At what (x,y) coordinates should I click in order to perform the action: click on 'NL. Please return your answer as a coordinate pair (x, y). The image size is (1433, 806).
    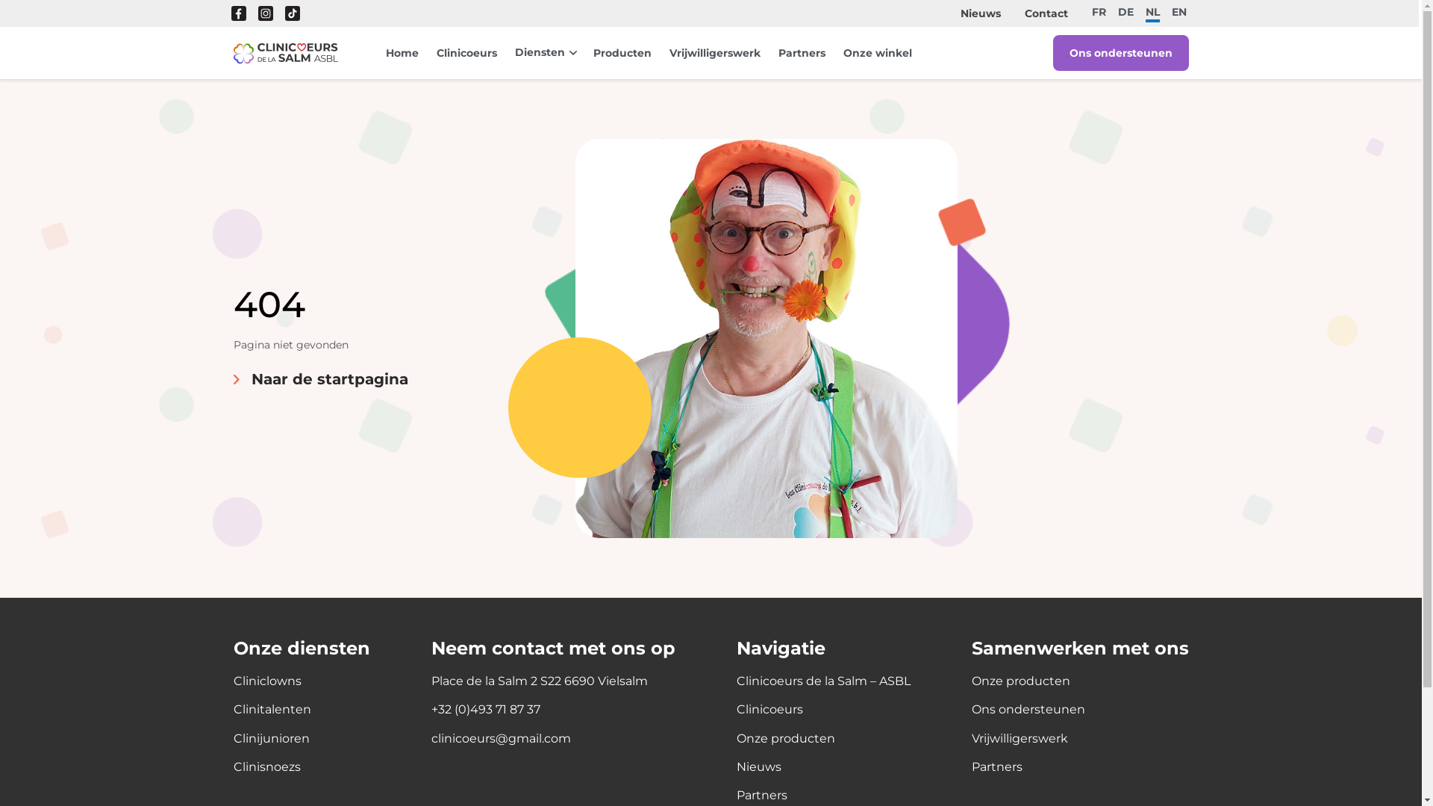
    Looking at the image, I should click on (1152, 13).